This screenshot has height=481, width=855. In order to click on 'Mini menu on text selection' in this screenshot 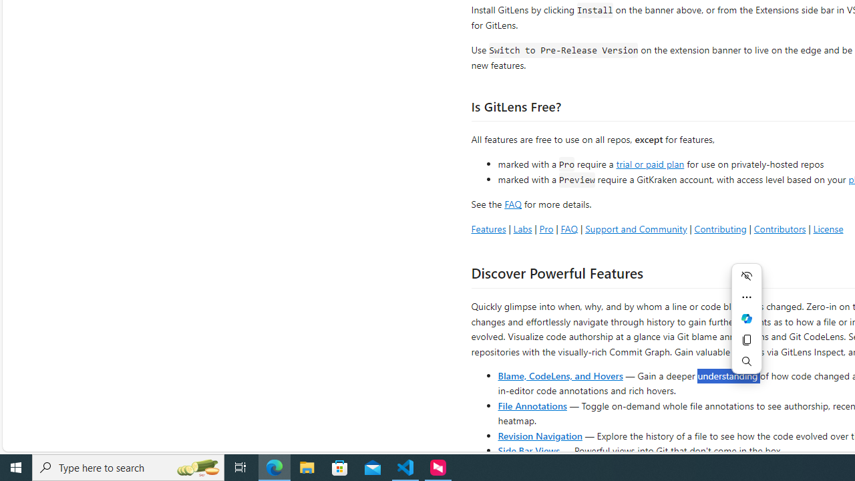, I will do `click(746, 326)`.